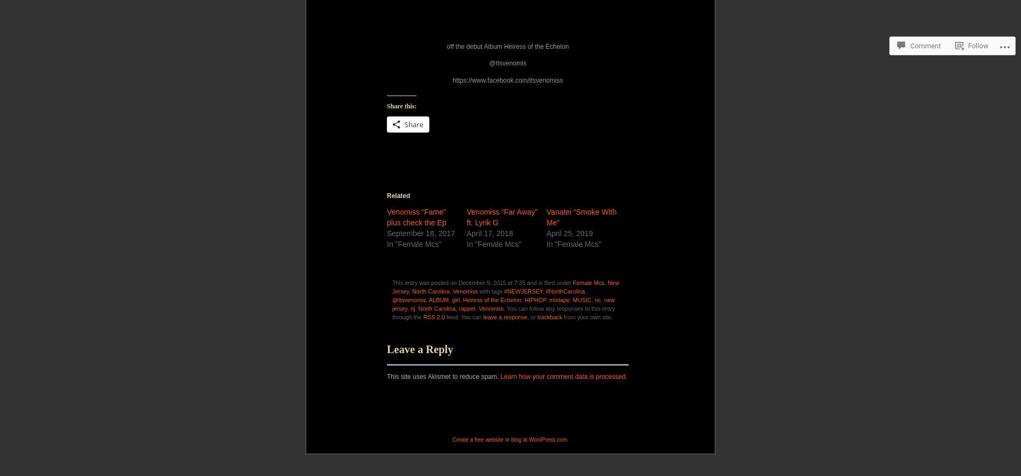  Describe the element at coordinates (598, 299) in the screenshot. I see `'nc'` at that location.